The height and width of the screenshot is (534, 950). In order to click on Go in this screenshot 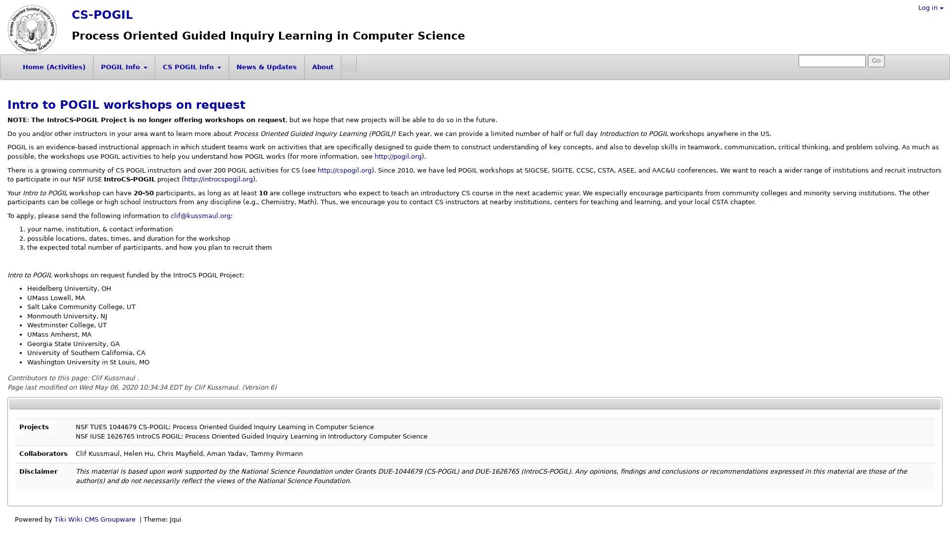, I will do `click(876, 61)`.